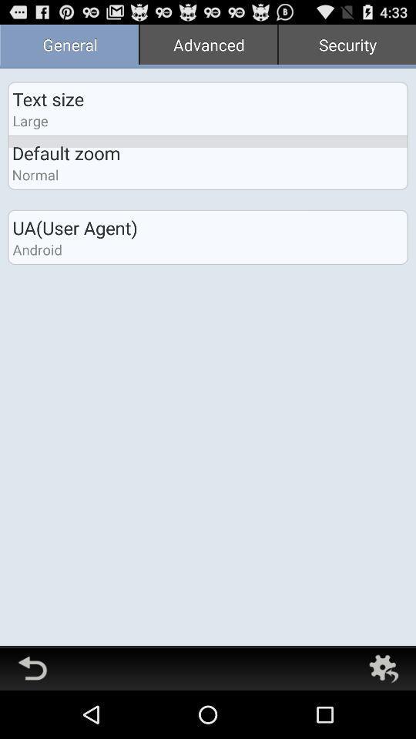 Image resolution: width=416 pixels, height=739 pixels. I want to click on item above the text size item, so click(69, 45).